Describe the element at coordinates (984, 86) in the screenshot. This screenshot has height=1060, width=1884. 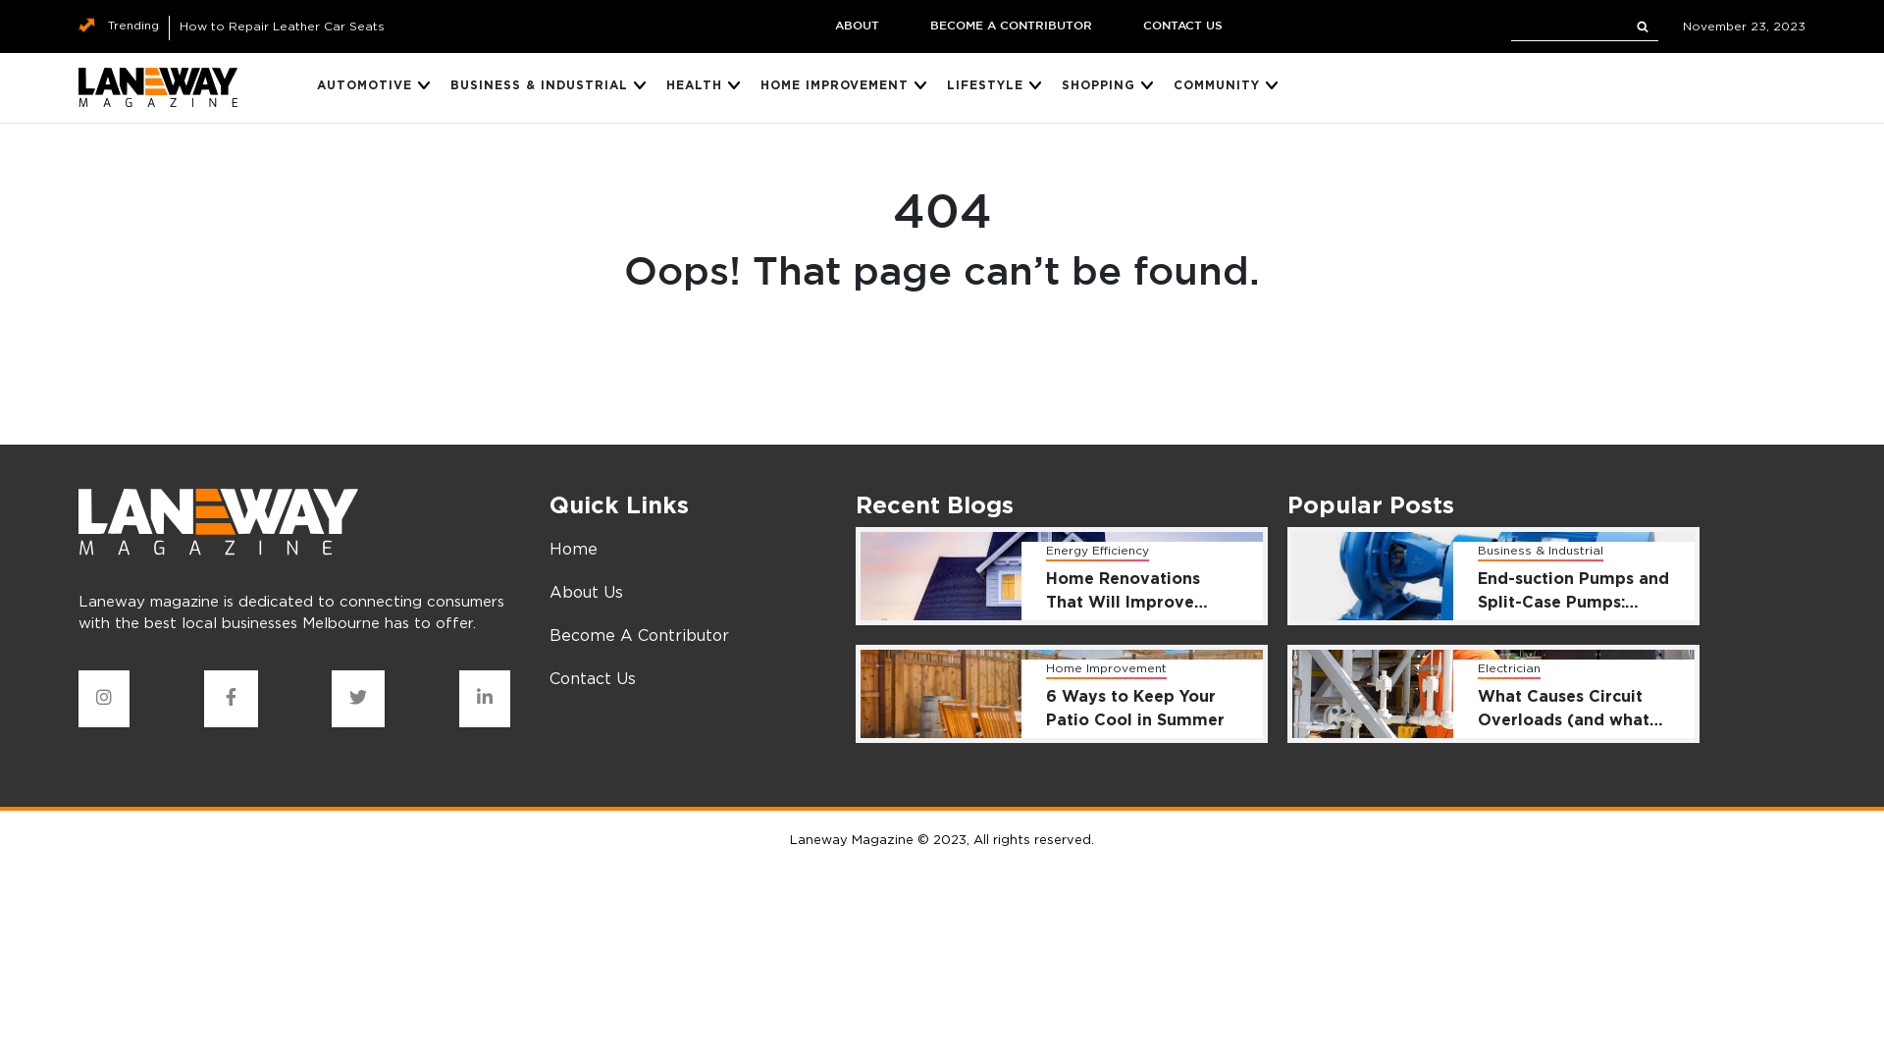
I see `'LIFESTYLE'` at that location.